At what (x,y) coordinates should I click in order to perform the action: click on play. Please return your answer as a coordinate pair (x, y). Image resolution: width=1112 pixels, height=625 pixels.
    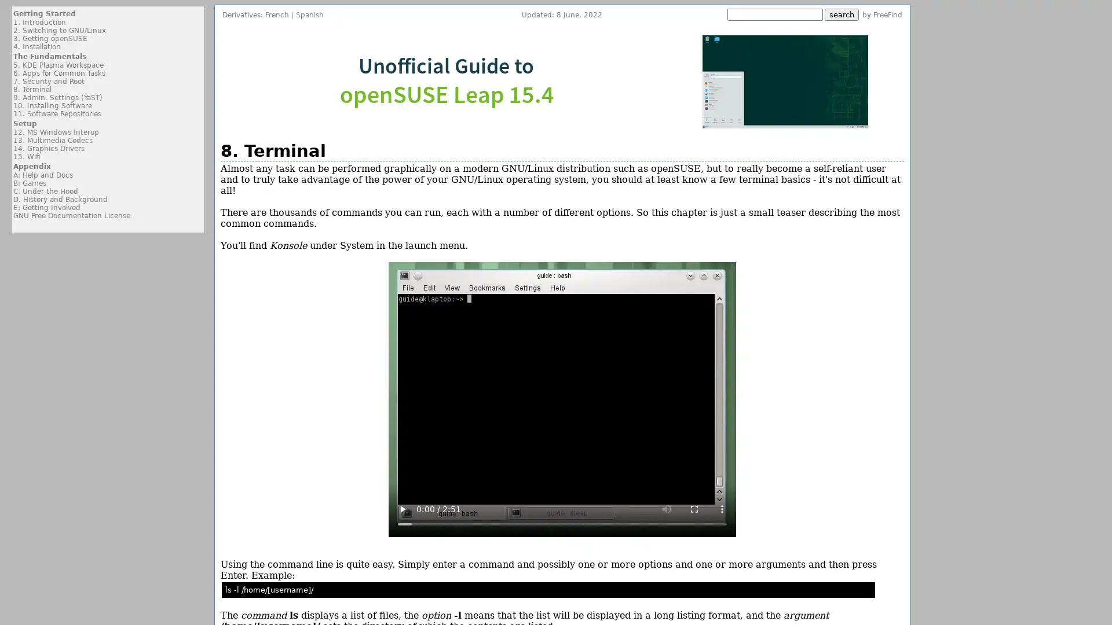
    Looking at the image, I should click on (402, 508).